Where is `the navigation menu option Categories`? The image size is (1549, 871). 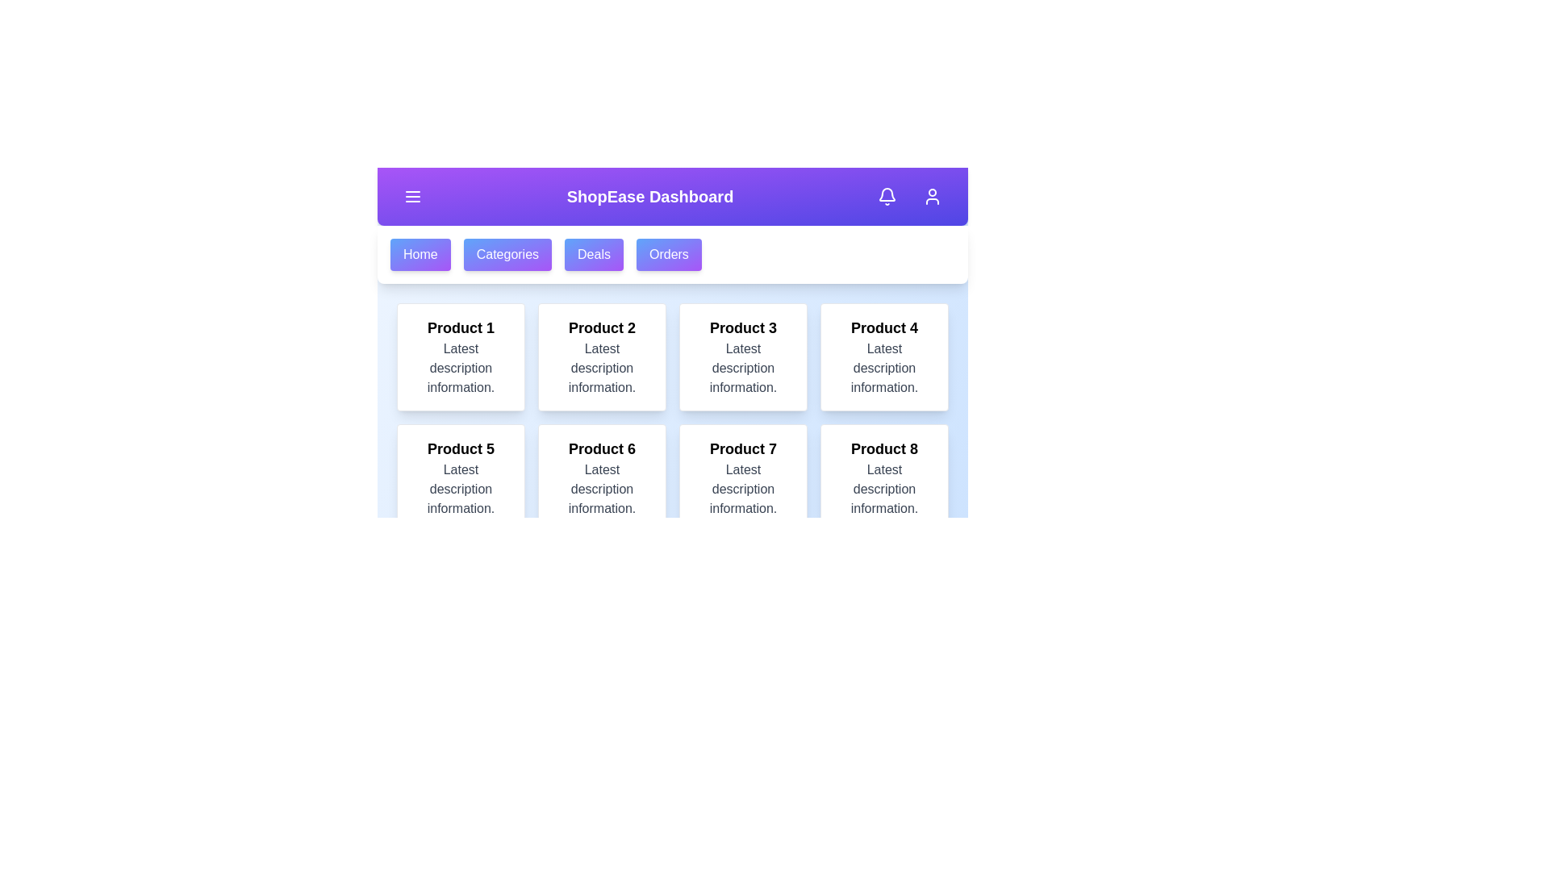 the navigation menu option Categories is located at coordinates (507, 254).